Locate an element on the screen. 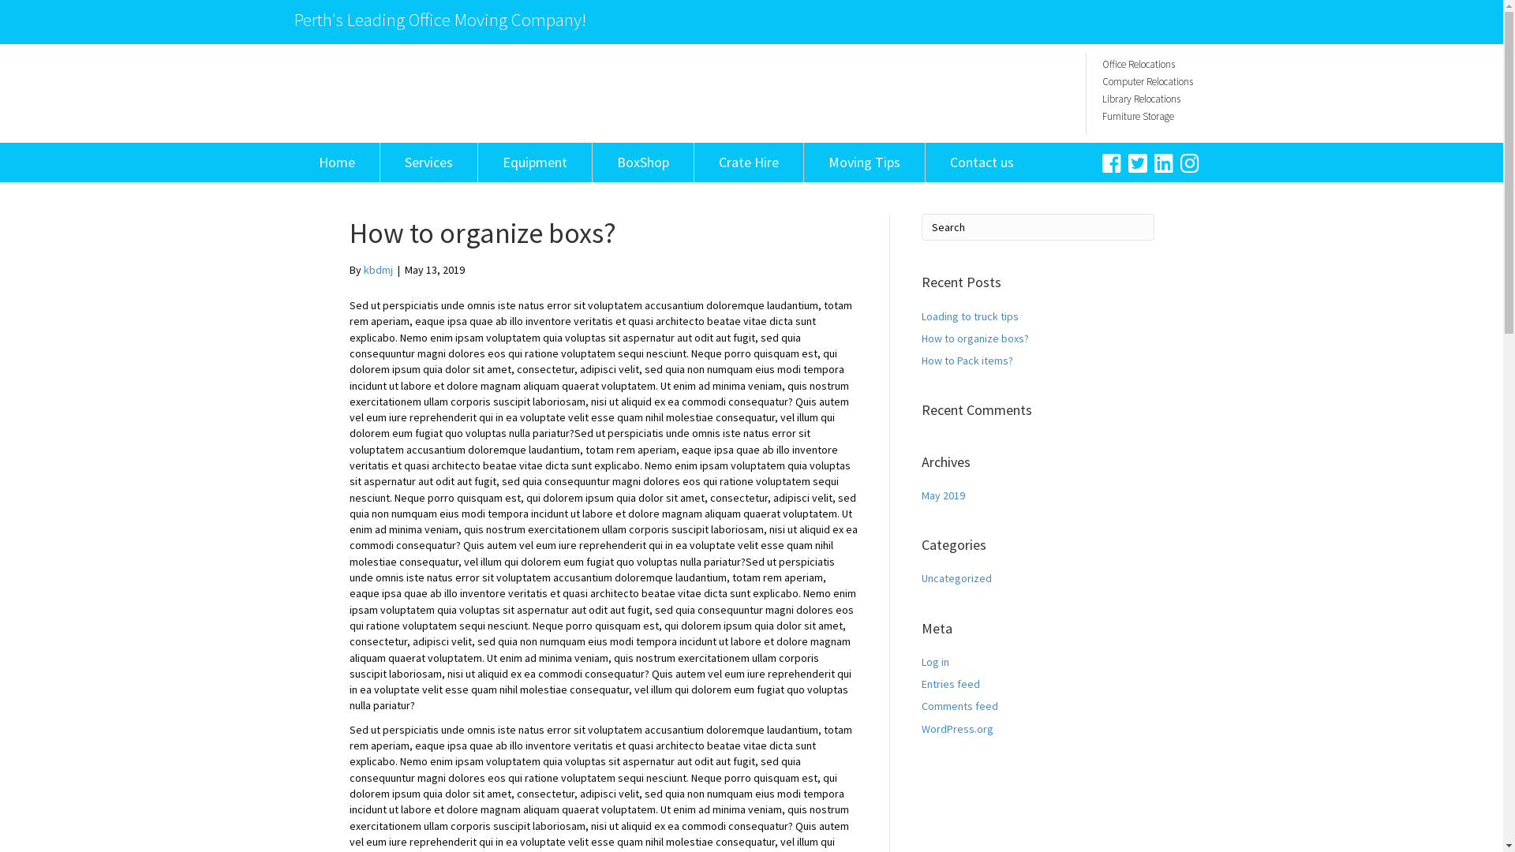  'BoxShop' is located at coordinates (642, 162).